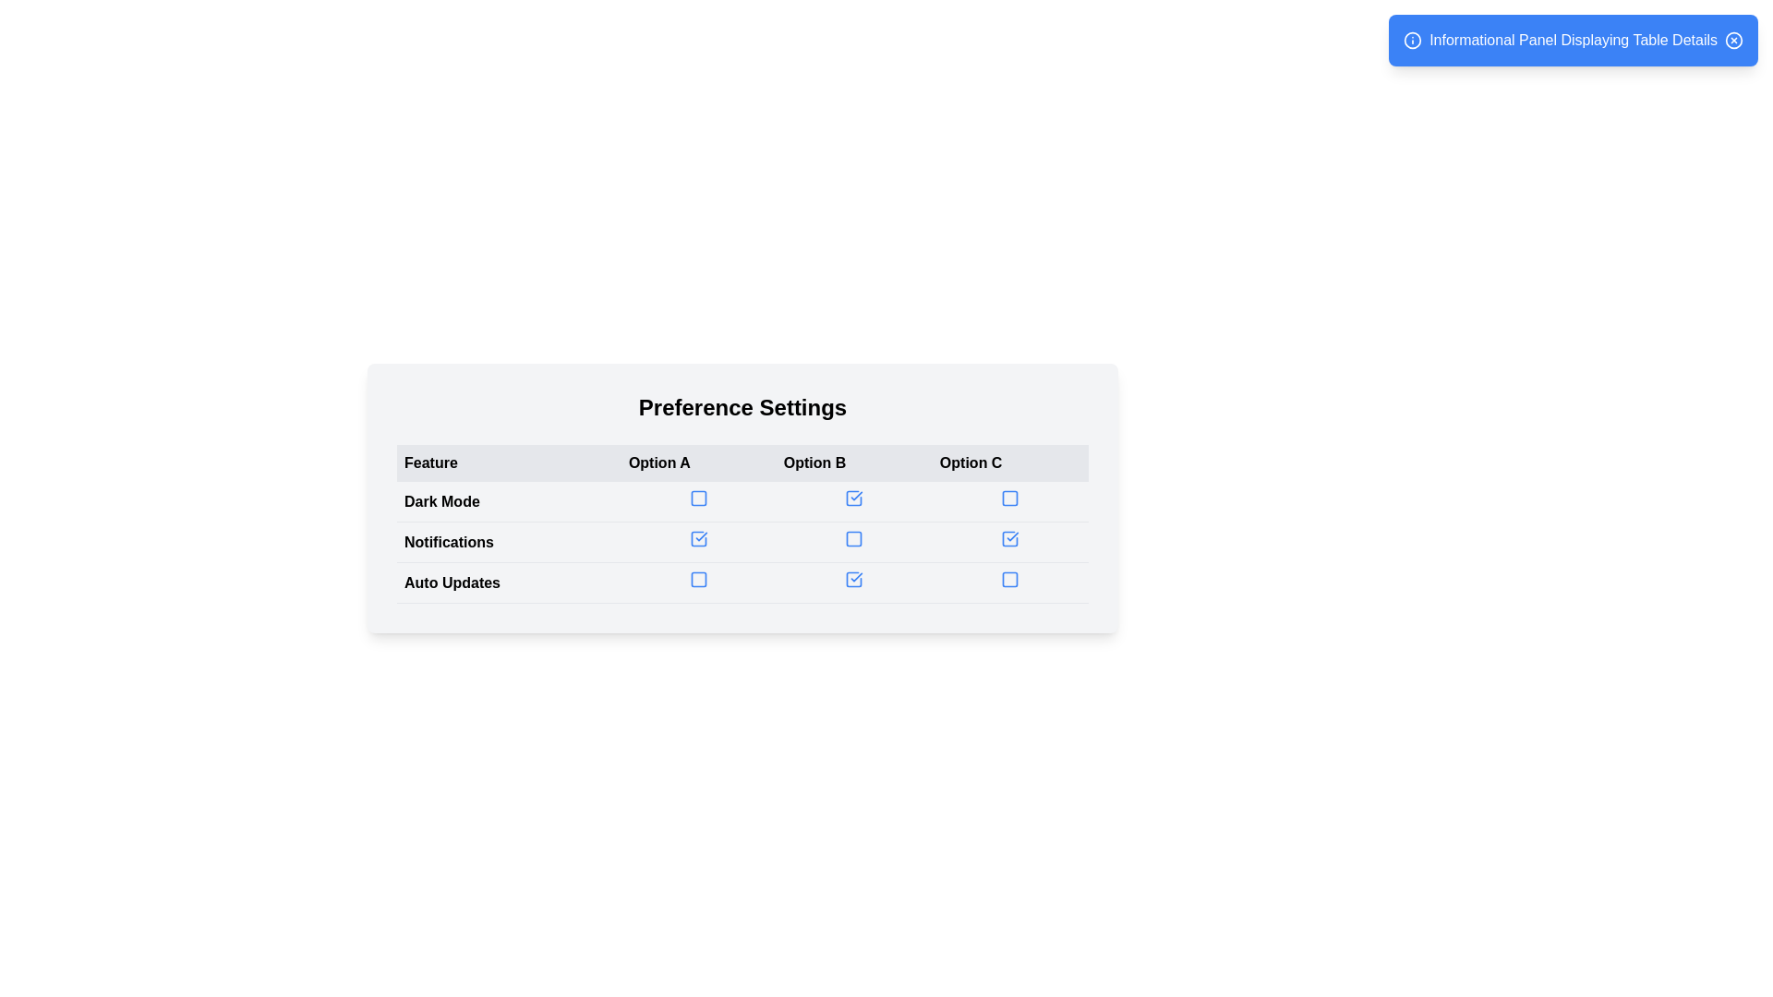 The height and width of the screenshot is (997, 1773). Describe the element at coordinates (697, 538) in the screenshot. I see `the blue checkbox-style graphical icon located in the second row under the 'Option A' column in the 'Preference Settings' section` at that location.